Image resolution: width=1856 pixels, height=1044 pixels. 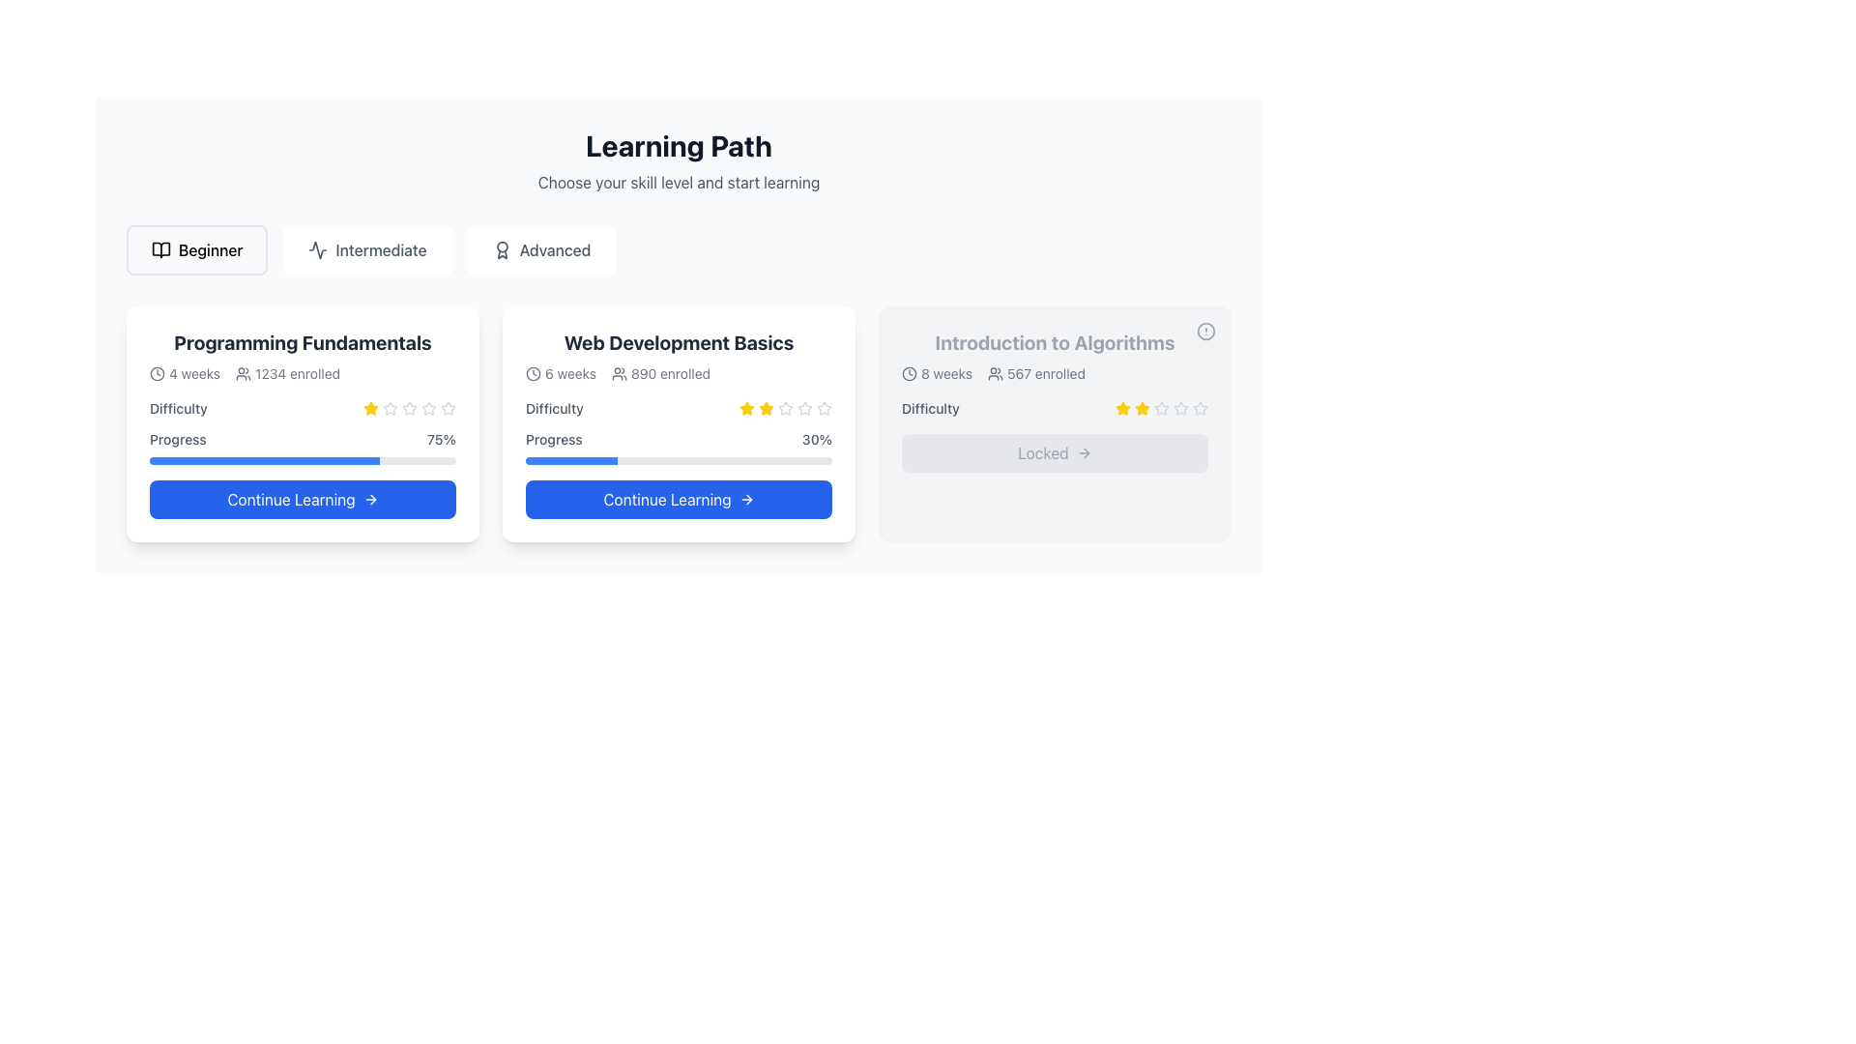 I want to click on the static text label displaying '4 weeks' in grey font color, located next to the clock icon and above the '1234 enrolled' label within the 'Programming Fundamentals' course card, so click(x=194, y=373).